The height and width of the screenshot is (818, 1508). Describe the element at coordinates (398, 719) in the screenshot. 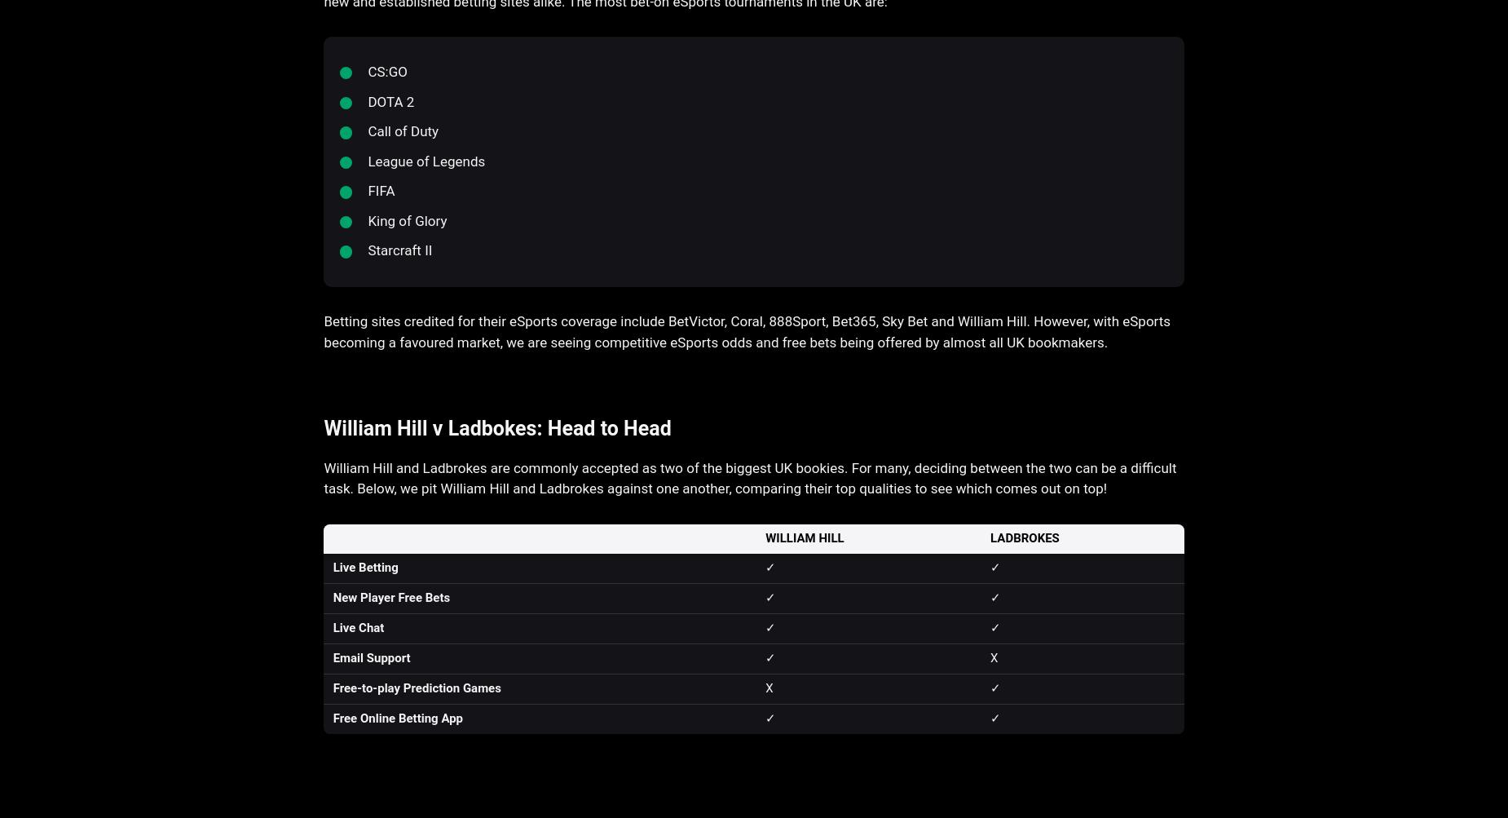

I see `'Free Online Betting App'` at that location.